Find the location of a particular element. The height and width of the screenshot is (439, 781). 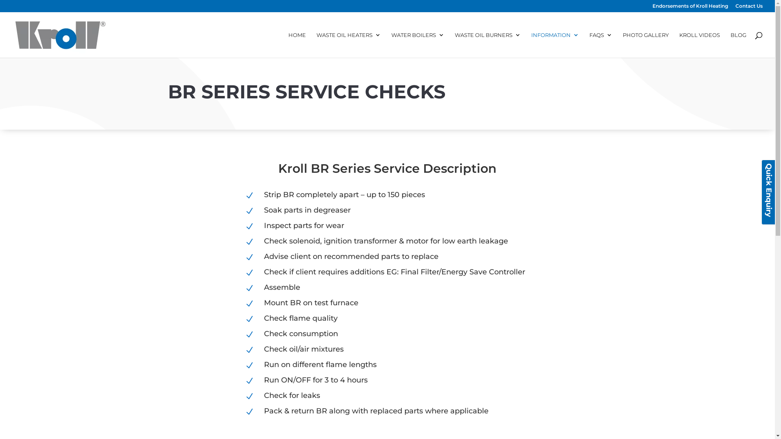

'KROLL VIDEOS' is located at coordinates (699, 45).